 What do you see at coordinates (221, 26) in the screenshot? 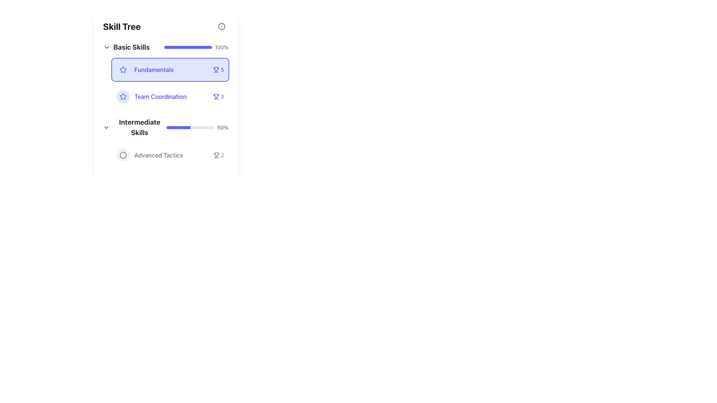
I see `the SVG circle graphical element that serves as part of an informational icon, located at the top-right corner of the interface` at bounding box center [221, 26].